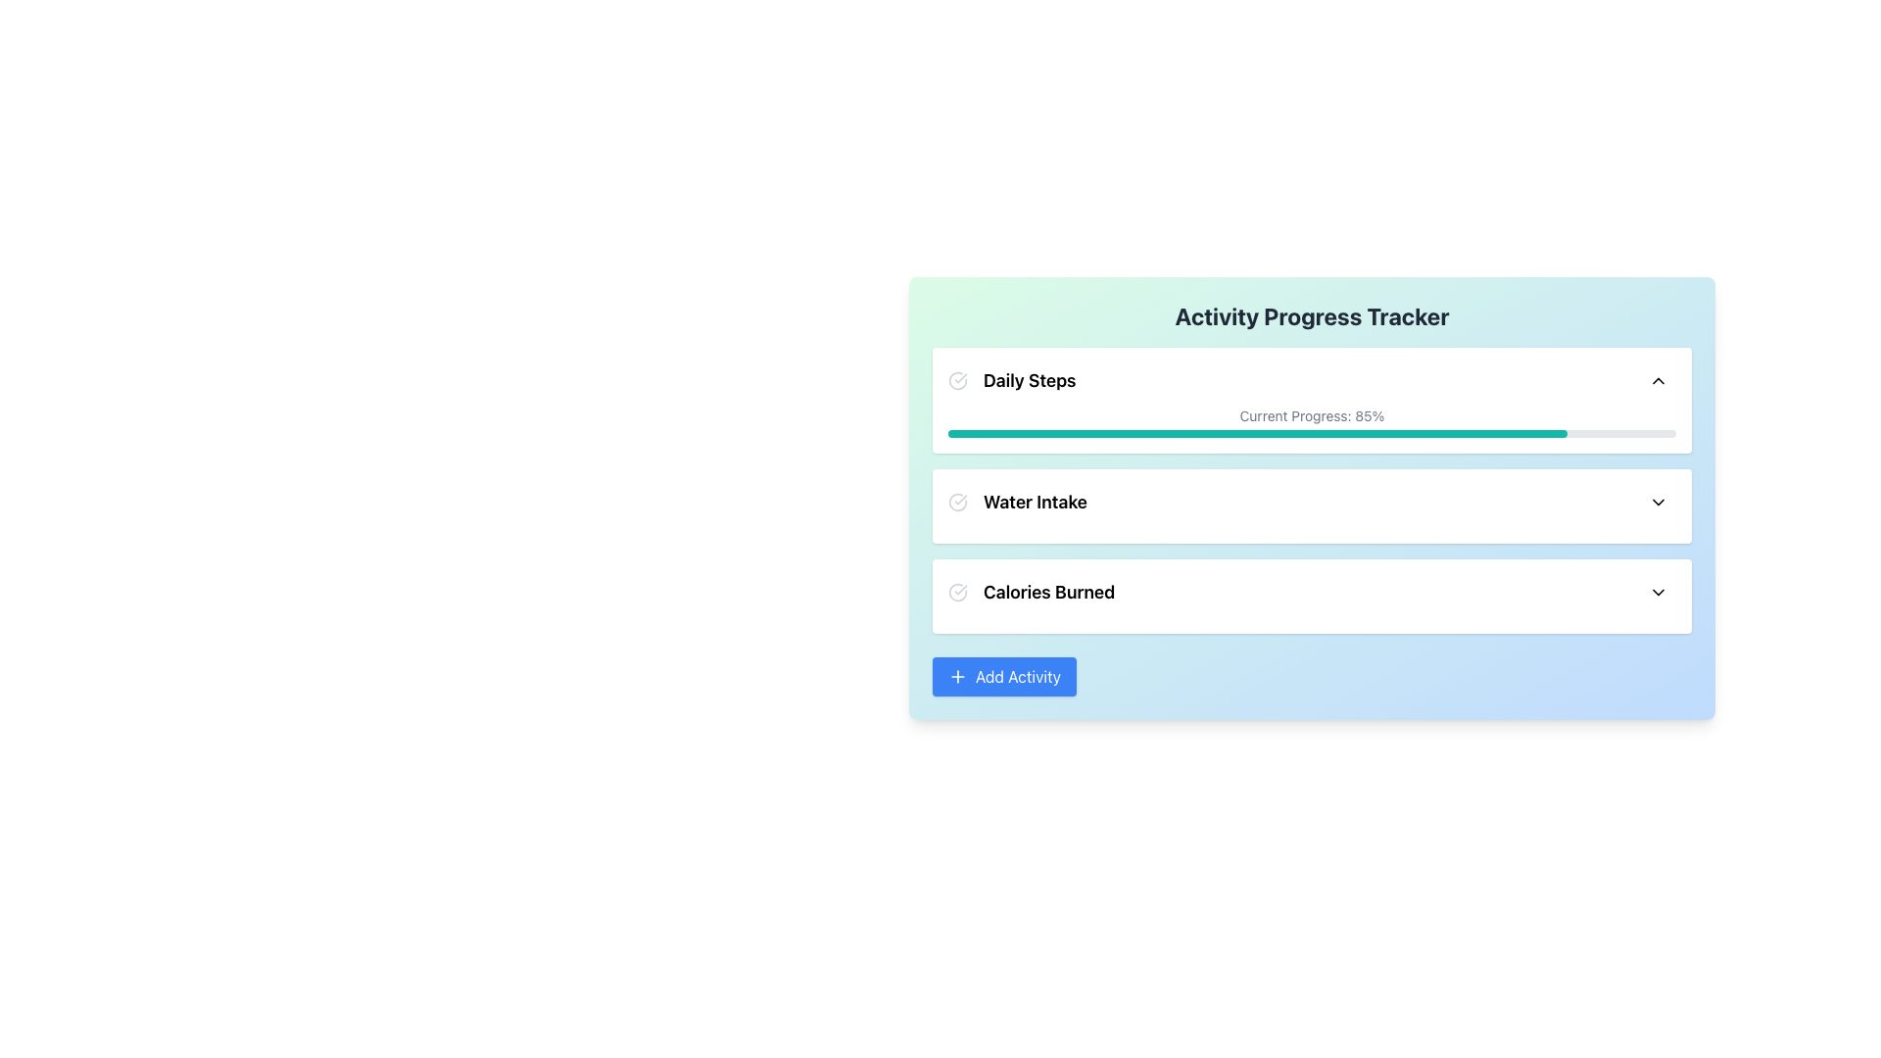  I want to click on the Progress Bar that indicates 85% completion of the 'Daily Steps' activity within the 'Activity Progress Tracker' card, so click(1257, 433).